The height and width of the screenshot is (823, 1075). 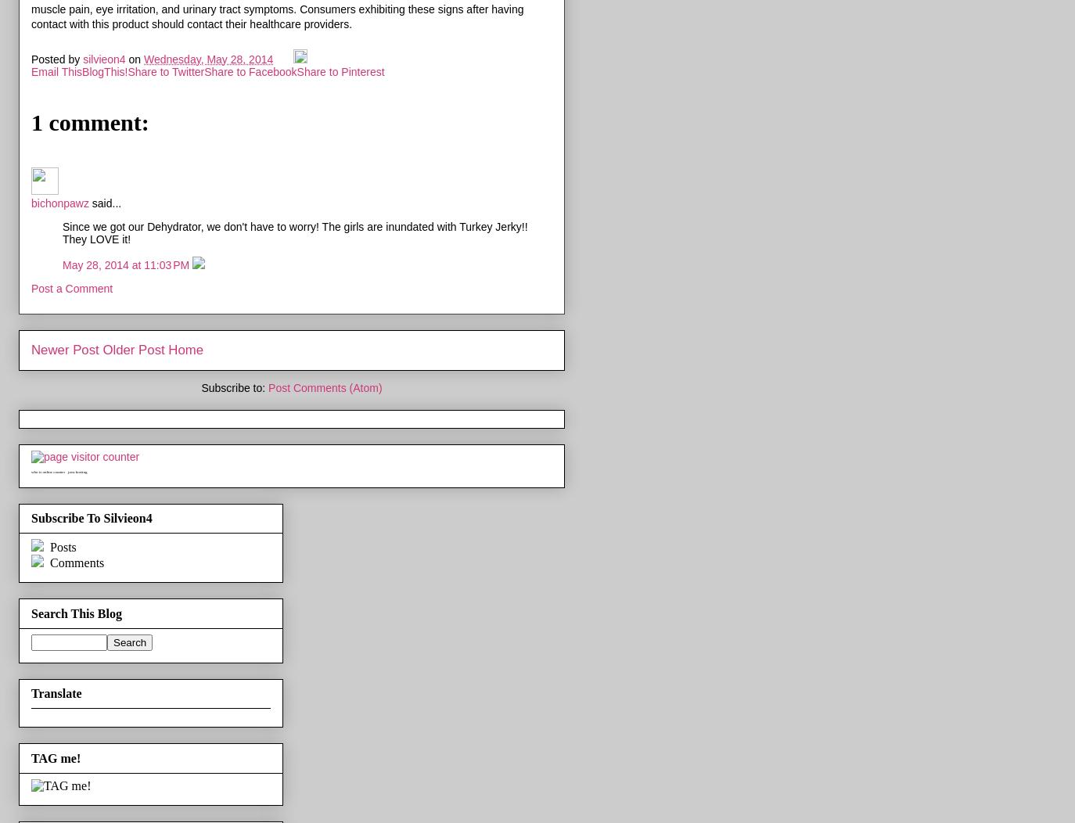 I want to click on 'Post Comments (Atom)', so click(x=325, y=386).